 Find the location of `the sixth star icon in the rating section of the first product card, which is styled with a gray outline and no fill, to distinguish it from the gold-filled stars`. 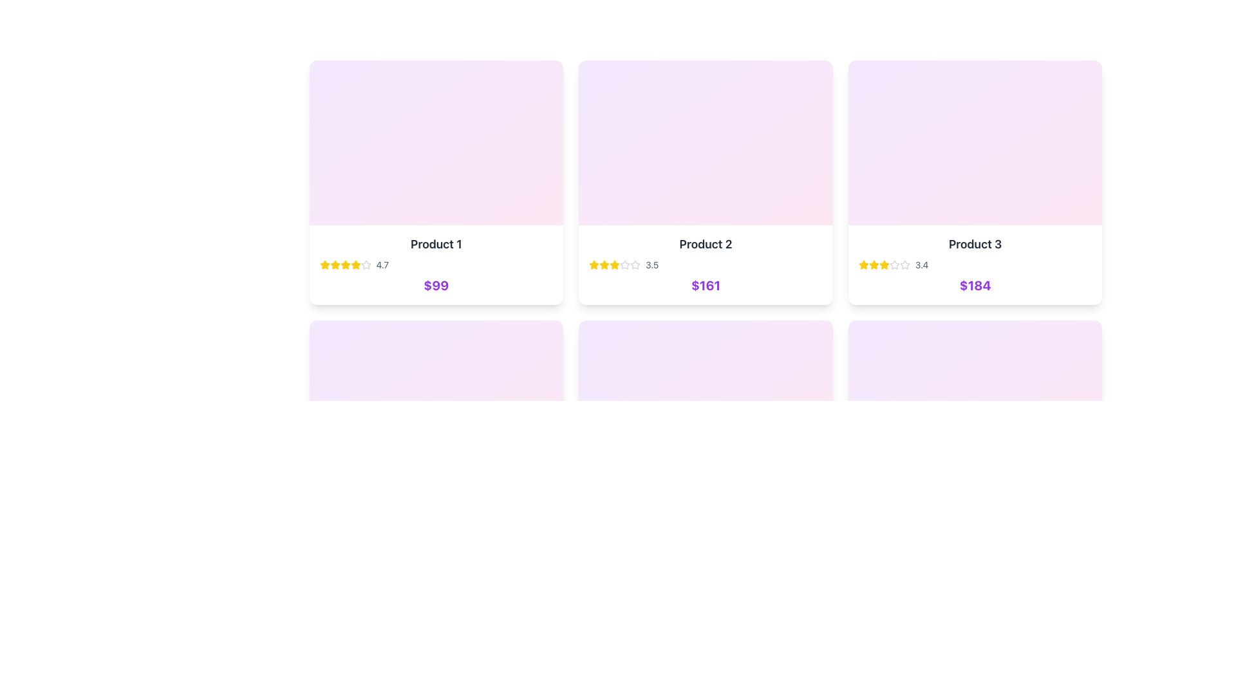

the sixth star icon in the rating section of the first product card, which is styled with a gray outline and no fill, to distinguish it from the gold-filled stars is located at coordinates (365, 264).